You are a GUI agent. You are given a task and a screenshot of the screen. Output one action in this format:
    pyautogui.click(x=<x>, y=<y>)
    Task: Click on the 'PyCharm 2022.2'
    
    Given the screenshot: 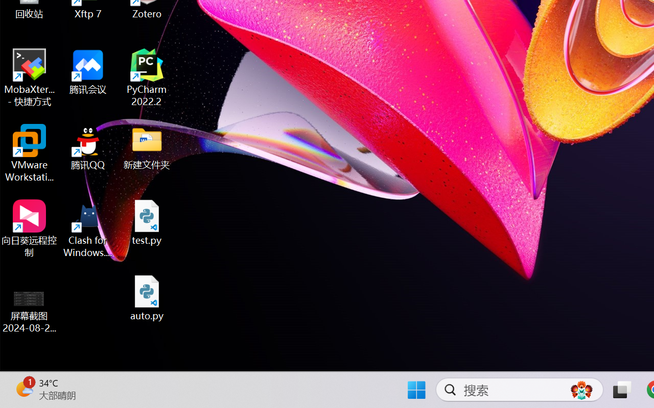 What is the action you would take?
    pyautogui.click(x=147, y=78)
    